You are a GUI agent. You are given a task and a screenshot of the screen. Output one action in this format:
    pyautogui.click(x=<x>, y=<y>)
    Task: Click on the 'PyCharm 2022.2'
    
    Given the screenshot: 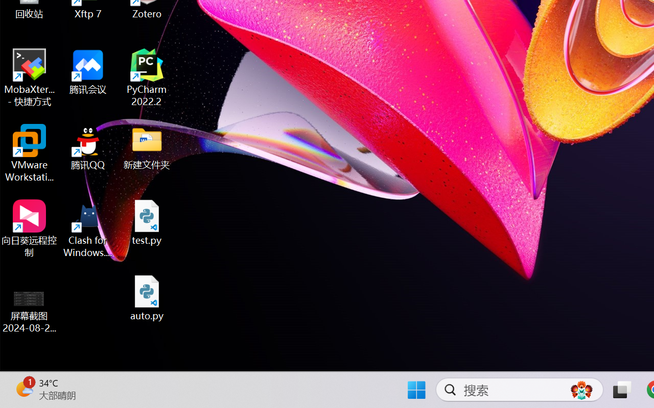 What is the action you would take?
    pyautogui.click(x=147, y=78)
    